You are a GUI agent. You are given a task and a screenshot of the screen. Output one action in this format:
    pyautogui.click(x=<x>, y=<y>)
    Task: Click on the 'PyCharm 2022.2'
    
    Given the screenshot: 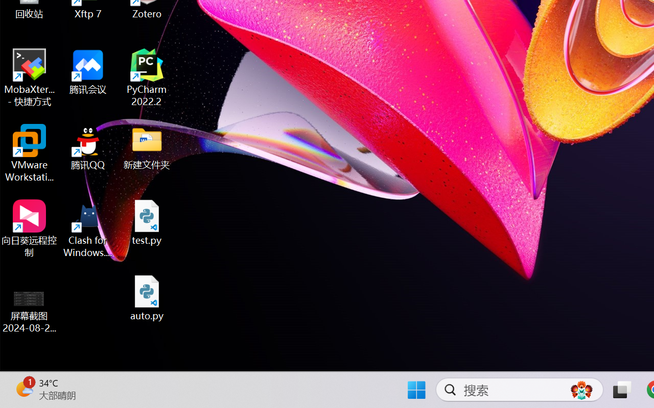 What is the action you would take?
    pyautogui.click(x=147, y=78)
    